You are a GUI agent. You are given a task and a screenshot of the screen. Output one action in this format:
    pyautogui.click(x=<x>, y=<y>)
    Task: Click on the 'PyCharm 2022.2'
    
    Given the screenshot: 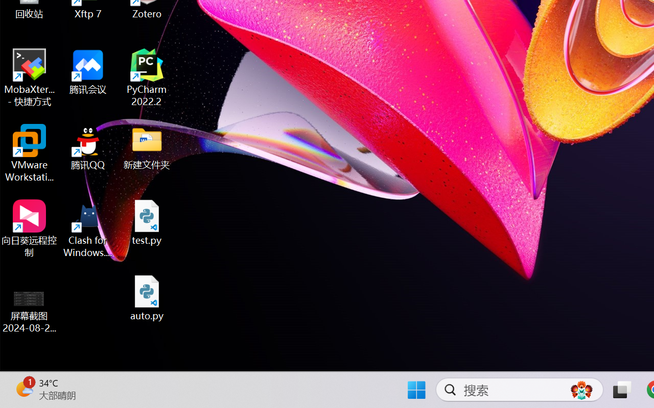 What is the action you would take?
    pyautogui.click(x=147, y=78)
    